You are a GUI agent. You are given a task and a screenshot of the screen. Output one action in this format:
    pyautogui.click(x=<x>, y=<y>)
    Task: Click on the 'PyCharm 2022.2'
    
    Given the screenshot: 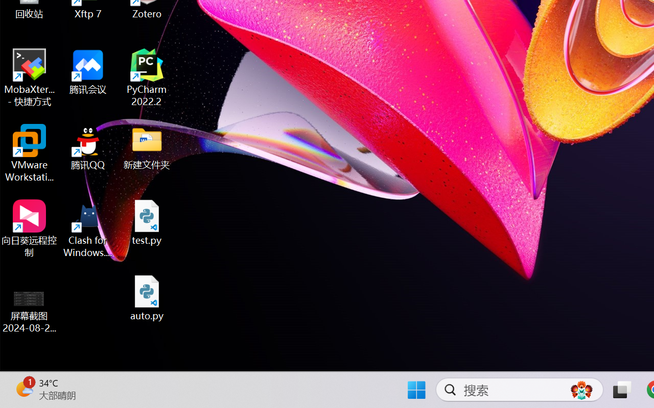 What is the action you would take?
    pyautogui.click(x=147, y=78)
    